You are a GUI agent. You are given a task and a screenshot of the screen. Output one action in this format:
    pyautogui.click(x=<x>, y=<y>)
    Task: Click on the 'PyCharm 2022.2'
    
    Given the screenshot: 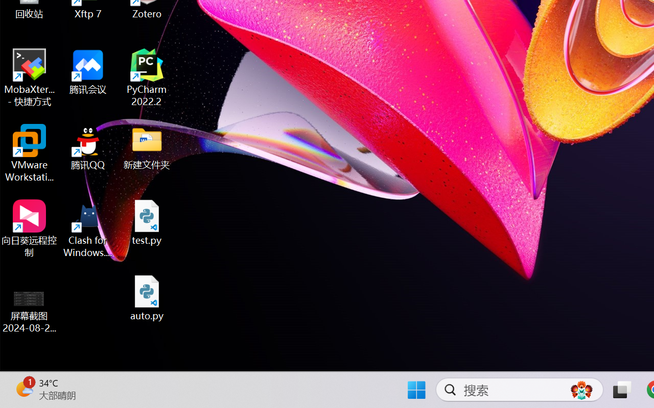 What is the action you would take?
    pyautogui.click(x=147, y=78)
    